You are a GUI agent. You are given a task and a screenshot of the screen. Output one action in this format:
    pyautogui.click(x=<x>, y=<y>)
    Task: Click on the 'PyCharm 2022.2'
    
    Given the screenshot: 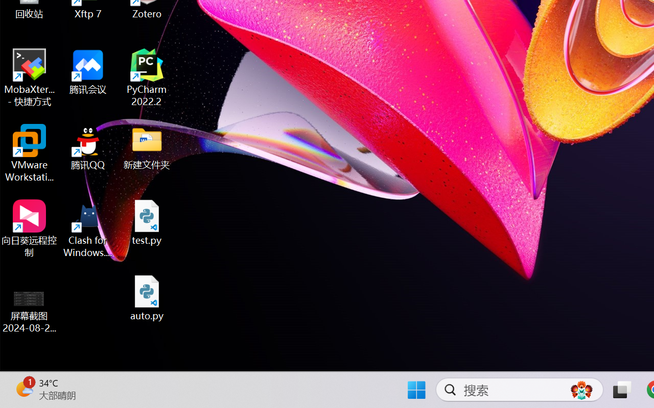 What is the action you would take?
    pyautogui.click(x=147, y=78)
    